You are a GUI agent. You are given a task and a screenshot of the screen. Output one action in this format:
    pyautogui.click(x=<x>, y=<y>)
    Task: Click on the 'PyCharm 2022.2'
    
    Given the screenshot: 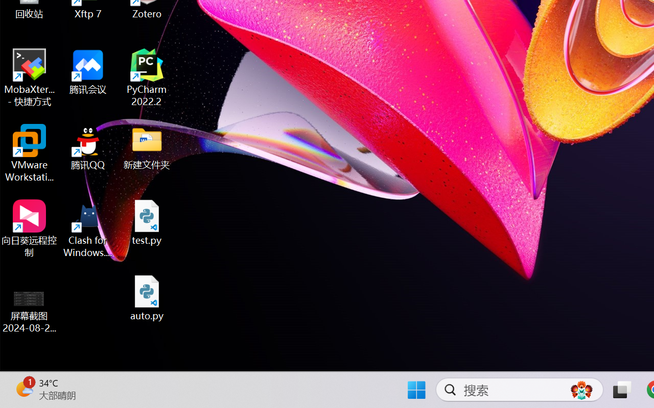 What is the action you would take?
    pyautogui.click(x=147, y=78)
    